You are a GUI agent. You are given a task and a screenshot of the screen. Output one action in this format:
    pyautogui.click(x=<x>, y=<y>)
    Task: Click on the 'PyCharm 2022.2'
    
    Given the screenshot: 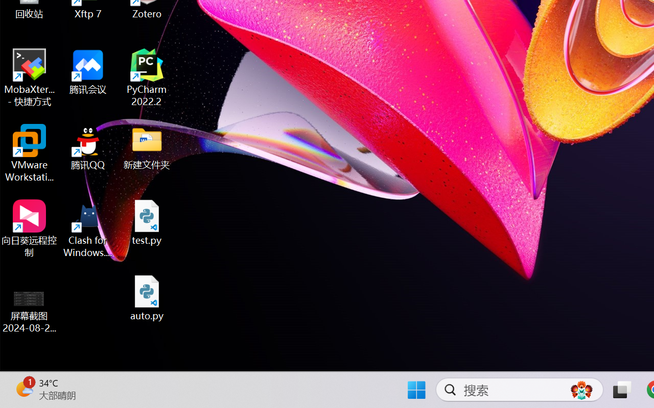 What is the action you would take?
    pyautogui.click(x=147, y=78)
    